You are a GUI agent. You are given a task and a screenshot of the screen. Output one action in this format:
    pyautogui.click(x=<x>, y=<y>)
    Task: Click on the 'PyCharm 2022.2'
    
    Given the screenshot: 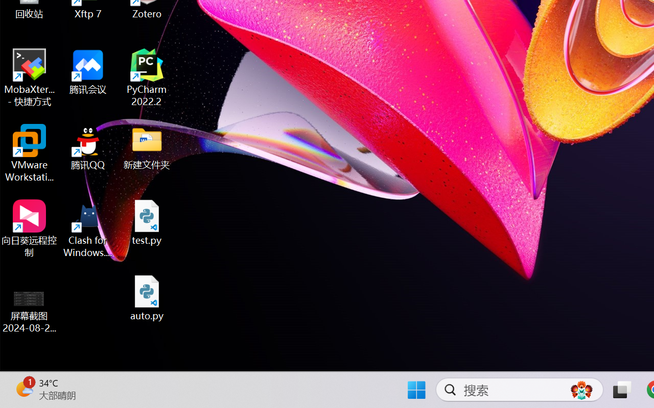 What is the action you would take?
    pyautogui.click(x=147, y=78)
    